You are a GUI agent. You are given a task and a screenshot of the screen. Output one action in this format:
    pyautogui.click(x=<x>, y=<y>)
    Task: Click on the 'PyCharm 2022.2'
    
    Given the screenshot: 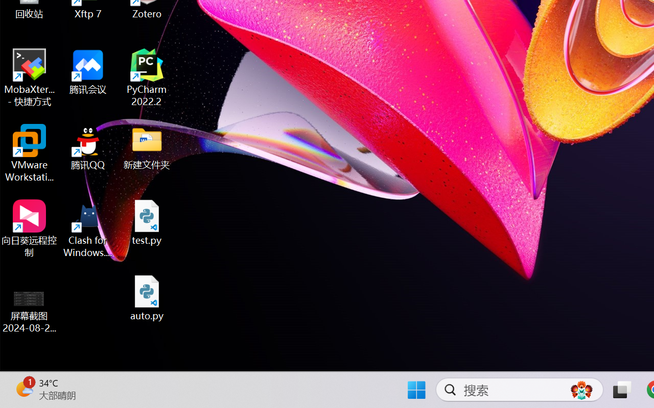 What is the action you would take?
    pyautogui.click(x=147, y=78)
    